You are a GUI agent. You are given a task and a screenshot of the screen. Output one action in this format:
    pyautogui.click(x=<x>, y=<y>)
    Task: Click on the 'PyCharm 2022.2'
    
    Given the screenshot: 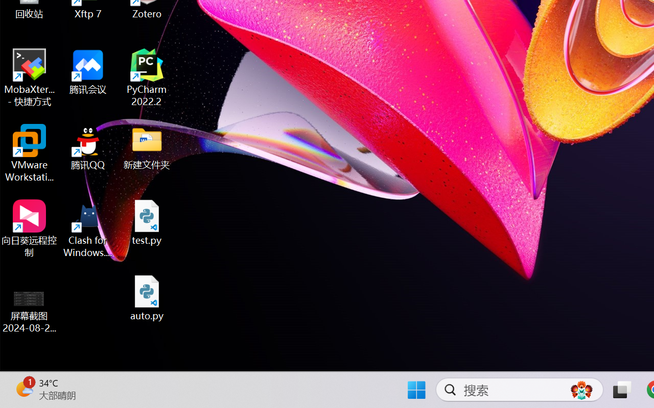 What is the action you would take?
    pyautogui.click(x=147, y=78)
    